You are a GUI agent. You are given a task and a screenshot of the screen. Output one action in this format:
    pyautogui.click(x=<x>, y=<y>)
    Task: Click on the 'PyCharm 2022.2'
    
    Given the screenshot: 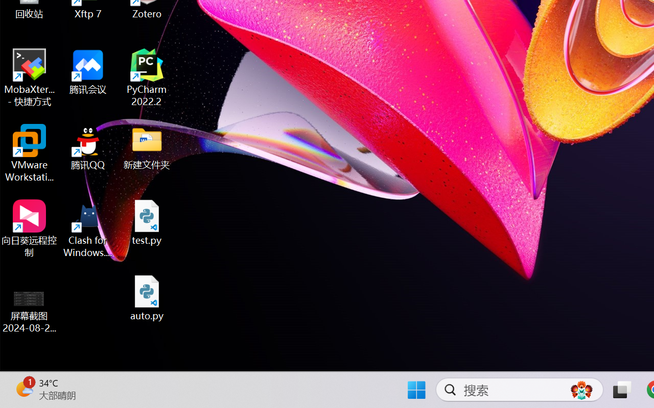 What is the action you would take?
    pyautogui.click(x=147, y=78)
    